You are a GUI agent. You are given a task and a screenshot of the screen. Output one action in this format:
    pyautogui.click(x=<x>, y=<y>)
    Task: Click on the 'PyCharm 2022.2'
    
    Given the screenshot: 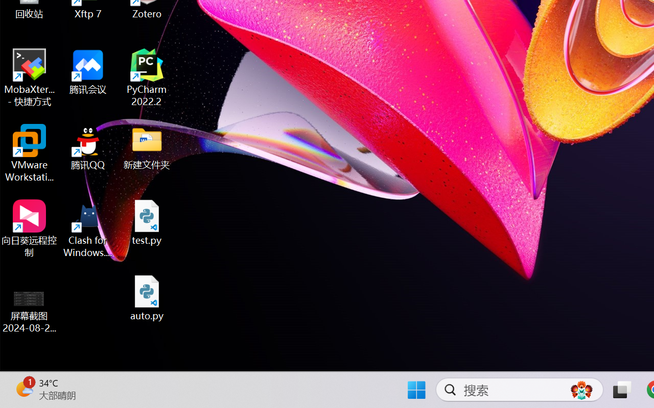 What is the action you would take?
    pyautogui.click(x=147, y=78)
    